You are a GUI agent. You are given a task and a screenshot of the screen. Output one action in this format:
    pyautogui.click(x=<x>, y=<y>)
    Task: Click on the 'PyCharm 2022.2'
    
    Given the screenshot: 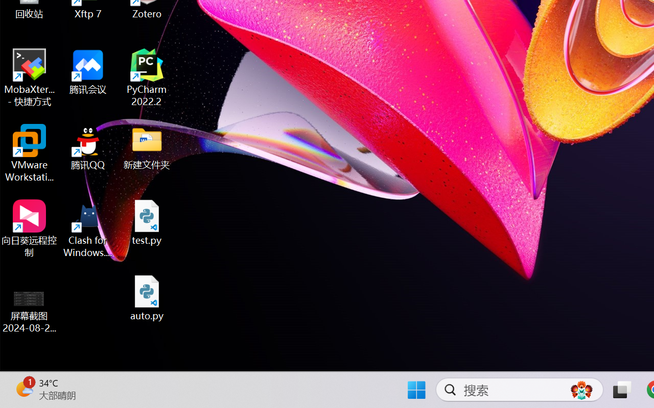 What is the action you would take?
    pyautogui.click(x=147, y=78)
    